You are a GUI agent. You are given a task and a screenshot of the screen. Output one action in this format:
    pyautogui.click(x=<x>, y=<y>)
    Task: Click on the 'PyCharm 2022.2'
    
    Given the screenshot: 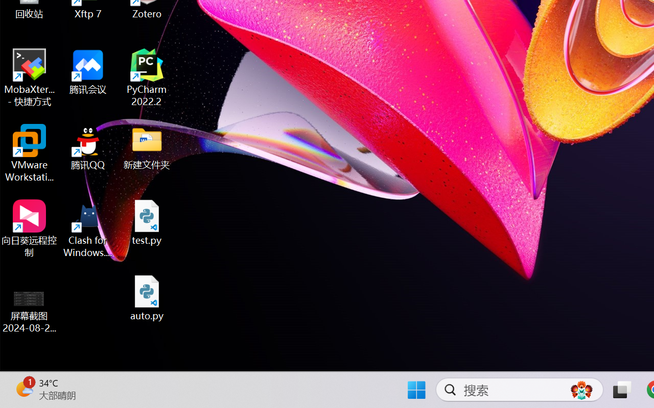 What is the action you would take?
    pyautogui.click(x=147, y=78)
    